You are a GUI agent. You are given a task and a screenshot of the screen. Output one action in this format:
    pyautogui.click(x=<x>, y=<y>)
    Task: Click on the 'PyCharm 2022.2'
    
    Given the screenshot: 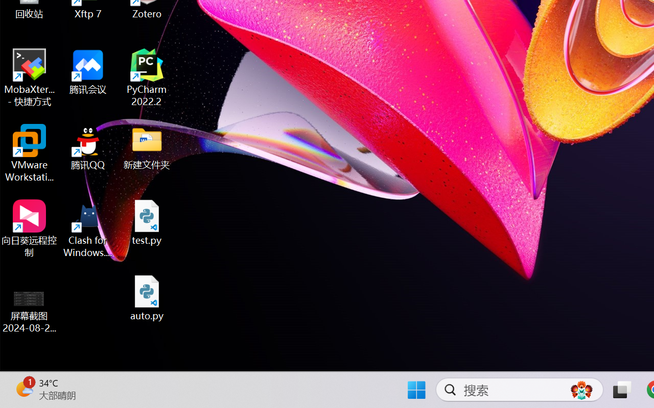 What is the action you would take?
    pyautogui.click(x=147, y=78)
    